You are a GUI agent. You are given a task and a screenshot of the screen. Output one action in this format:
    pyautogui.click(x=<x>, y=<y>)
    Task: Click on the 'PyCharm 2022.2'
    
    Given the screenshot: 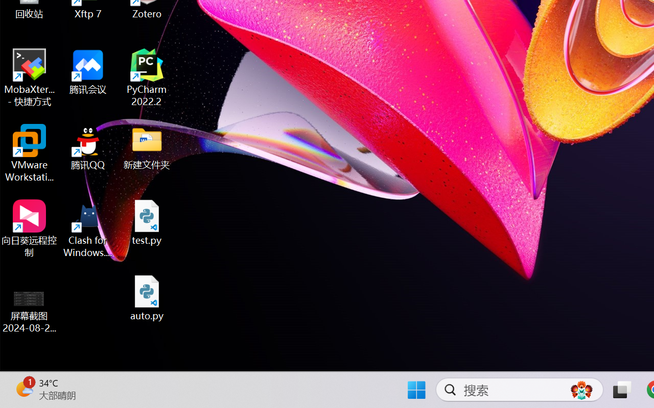 What is the action you would take?
    pyautogui.click(x=147, y=78)
    